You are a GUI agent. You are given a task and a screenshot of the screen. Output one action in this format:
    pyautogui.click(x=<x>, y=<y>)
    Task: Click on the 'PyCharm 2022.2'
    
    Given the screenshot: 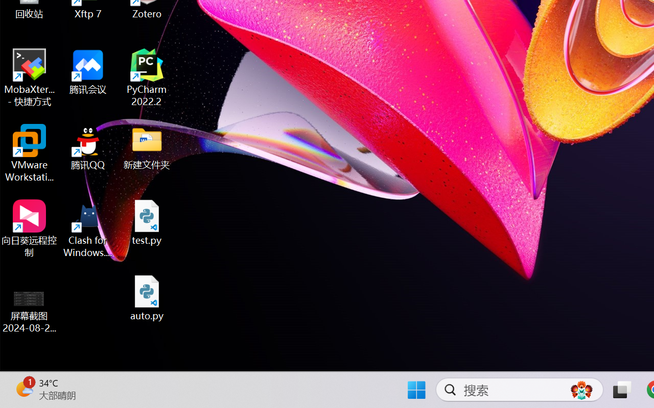 What is the action you would take?
    pyautogui.click(x=147, y=78)
    